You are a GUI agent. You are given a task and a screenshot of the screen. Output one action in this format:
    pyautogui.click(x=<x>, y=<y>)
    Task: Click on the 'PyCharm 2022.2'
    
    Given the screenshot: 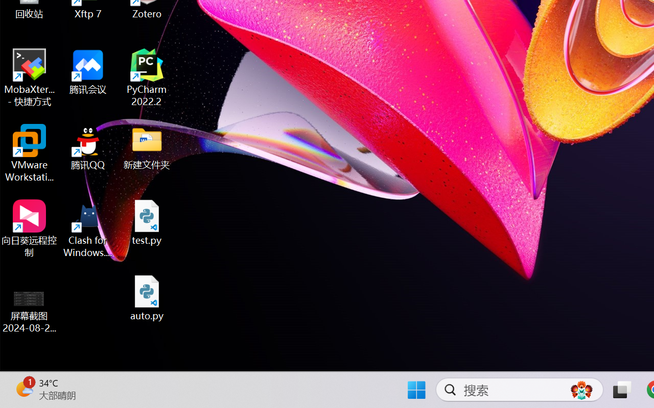 What is the action you would take?
    pyautogui.click(x=147, y=78)
    